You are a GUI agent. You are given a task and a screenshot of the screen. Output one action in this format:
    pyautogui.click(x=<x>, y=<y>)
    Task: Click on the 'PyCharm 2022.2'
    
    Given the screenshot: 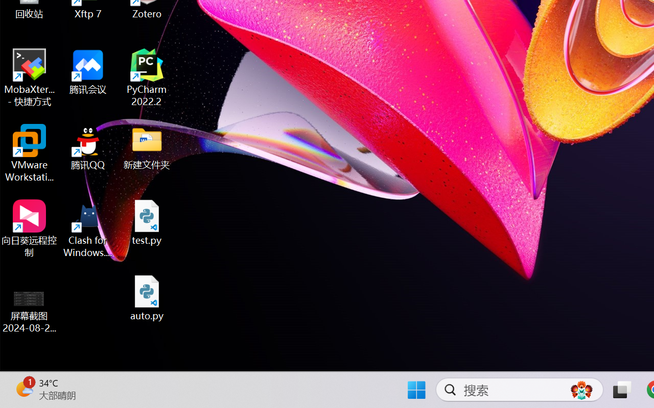 What is the action you would take?
    pyautogui.click(x=147, y=78)
    